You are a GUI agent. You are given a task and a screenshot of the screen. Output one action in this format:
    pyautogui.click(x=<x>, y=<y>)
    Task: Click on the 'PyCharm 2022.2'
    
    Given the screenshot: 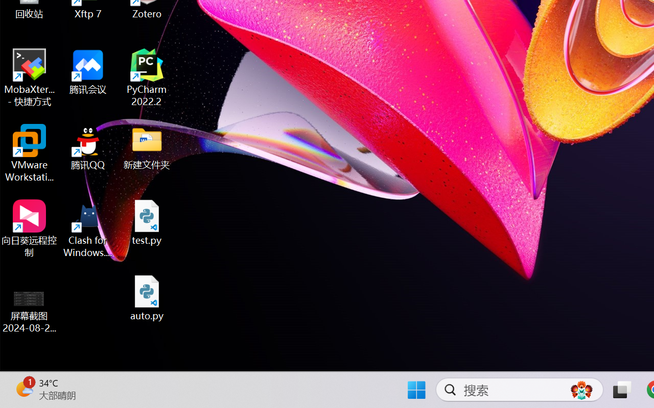 What is the action you would take?
    pyautogui.click(x=147, y=78)
    